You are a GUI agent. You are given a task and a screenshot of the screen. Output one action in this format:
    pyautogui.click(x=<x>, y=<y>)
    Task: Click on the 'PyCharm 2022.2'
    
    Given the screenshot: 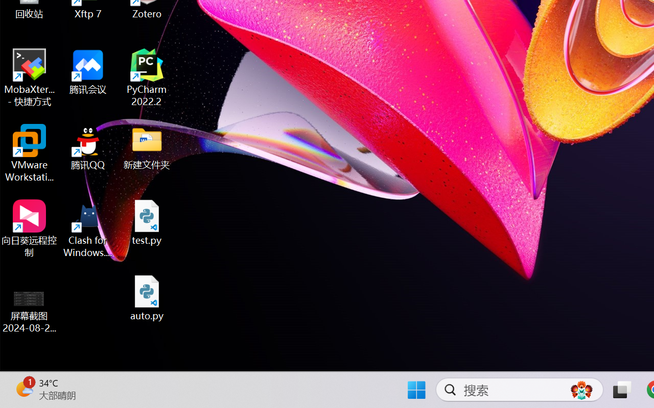 What is the action you would take?
    pyautogui.click(x=147, y=78)
    